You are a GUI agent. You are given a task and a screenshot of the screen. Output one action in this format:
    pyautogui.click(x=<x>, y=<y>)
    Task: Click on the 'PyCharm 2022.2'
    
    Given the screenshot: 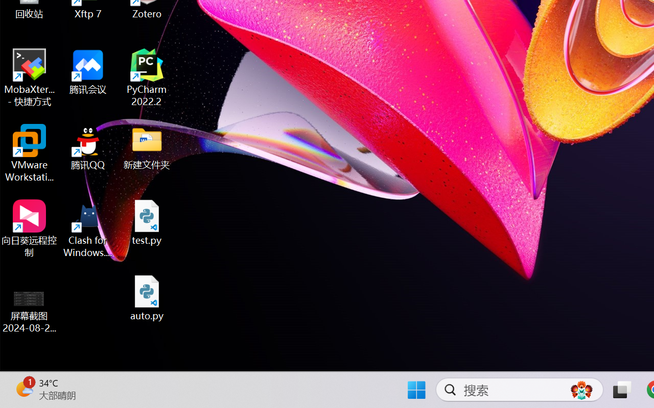 What is the action you would take?
    pyautogui.click(x=147, y=78)
    